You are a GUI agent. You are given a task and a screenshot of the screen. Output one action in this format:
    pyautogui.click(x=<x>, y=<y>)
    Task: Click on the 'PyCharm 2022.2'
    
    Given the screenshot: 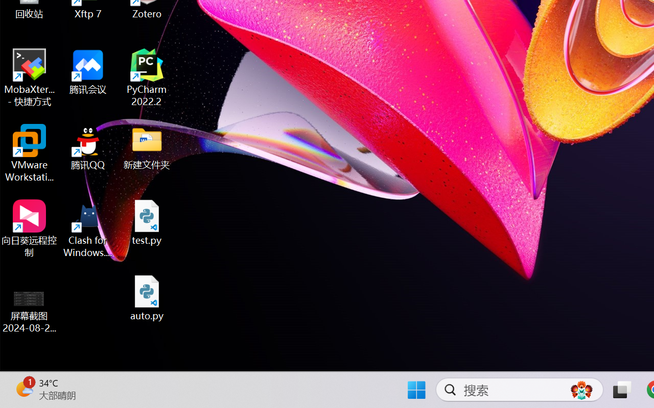 What is the action you would take?
    pyautogui.click(x=147, y=78)
    